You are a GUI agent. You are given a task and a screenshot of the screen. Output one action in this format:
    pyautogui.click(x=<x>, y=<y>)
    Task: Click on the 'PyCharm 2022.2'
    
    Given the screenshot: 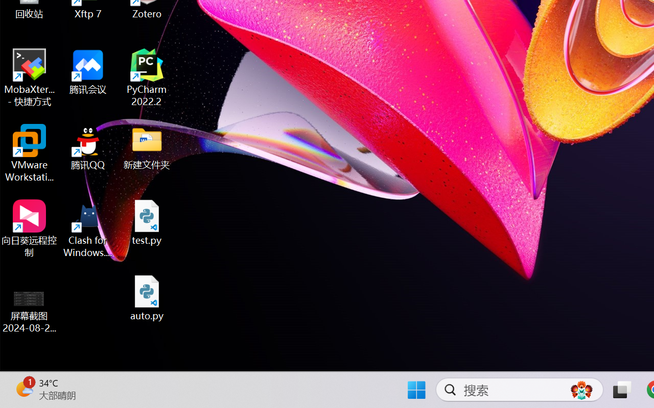 What is the action you would take?
    pyautogui.click(x=147, y=78)
    